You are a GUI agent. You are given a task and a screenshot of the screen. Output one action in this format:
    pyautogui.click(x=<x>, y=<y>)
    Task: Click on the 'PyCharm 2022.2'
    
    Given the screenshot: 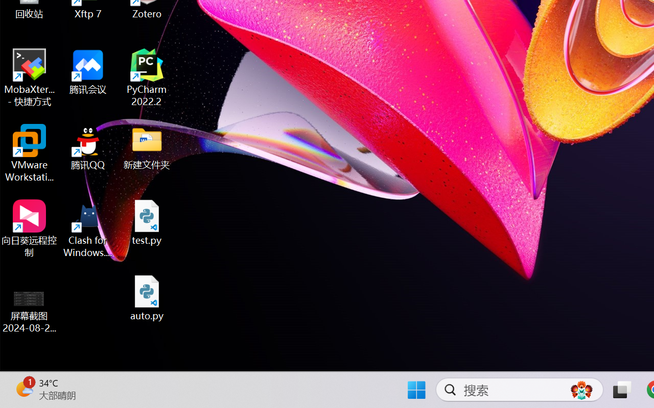 What is the action you would take?
    pyautogui.click(x=147, y=78)
    